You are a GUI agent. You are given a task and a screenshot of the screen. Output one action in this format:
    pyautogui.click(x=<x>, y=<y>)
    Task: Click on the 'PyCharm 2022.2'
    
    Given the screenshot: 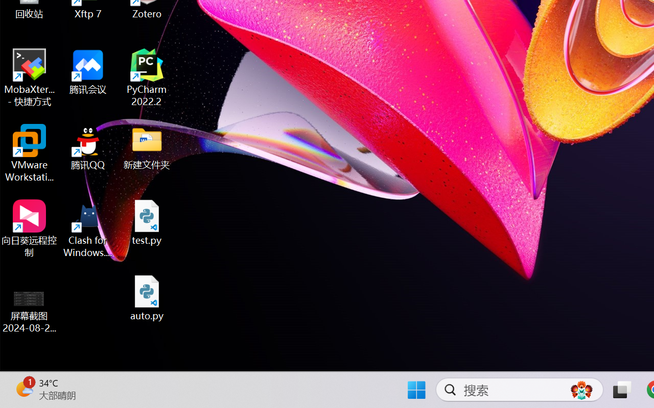 What is the action you would take?
    pyautogui.click(x=147, y=78)
    